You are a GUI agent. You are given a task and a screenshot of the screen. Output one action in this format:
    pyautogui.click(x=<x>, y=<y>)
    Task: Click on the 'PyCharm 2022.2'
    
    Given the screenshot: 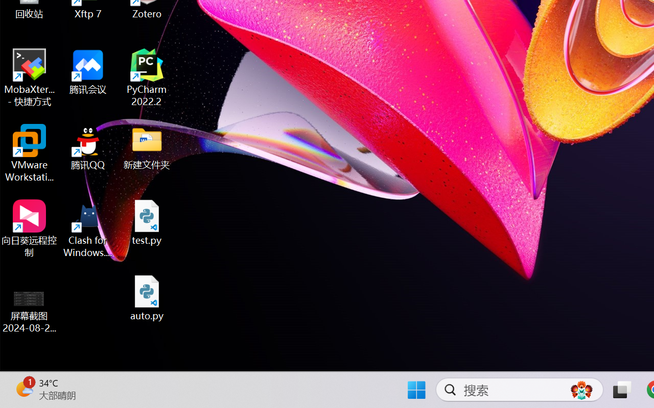 What is the action you would take?
    pyautogui.click(x=147, y=78)
    